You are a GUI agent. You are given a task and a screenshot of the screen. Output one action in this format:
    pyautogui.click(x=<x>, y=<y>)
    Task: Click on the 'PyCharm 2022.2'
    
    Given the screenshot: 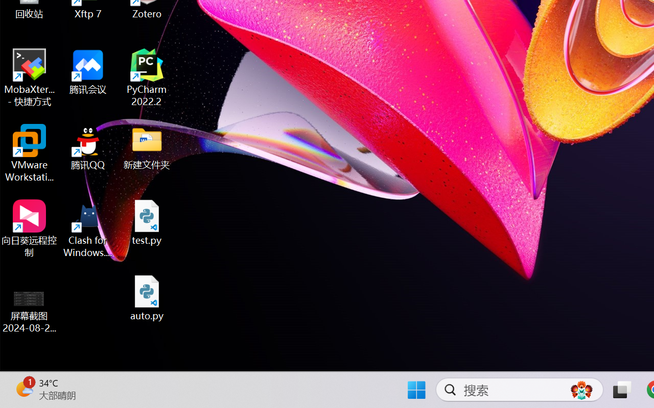 What is the action you would take?
    pyautogui.click(x=147, y=78)
    